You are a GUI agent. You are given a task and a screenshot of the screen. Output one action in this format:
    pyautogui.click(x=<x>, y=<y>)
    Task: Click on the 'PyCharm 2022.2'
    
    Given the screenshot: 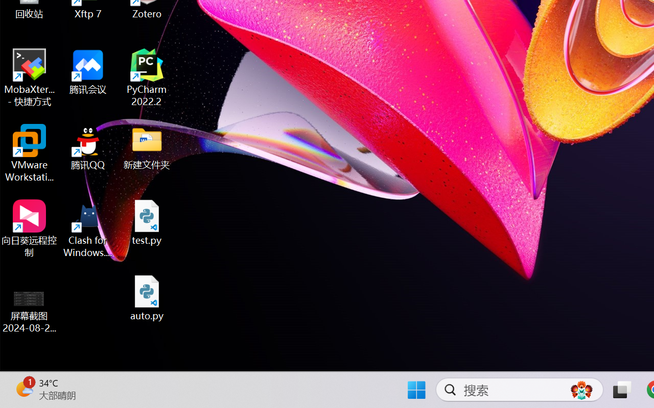 What is the action you would take?
    pyautogui.click(x=147, y=78)
    